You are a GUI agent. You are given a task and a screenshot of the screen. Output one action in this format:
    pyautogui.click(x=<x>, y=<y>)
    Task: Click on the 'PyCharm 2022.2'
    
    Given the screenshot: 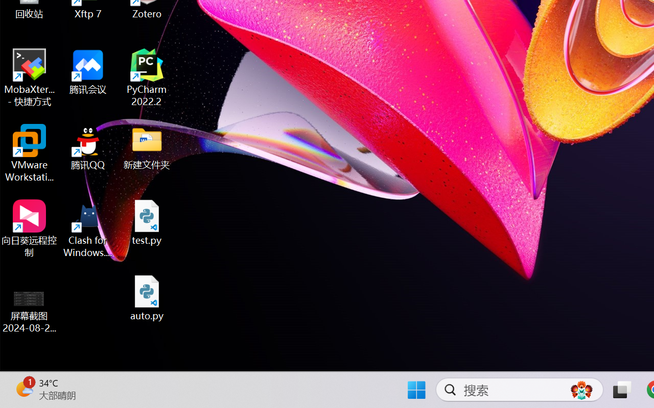 What is the action you would take?
    pyautogui.click(x=147, y=78)
    